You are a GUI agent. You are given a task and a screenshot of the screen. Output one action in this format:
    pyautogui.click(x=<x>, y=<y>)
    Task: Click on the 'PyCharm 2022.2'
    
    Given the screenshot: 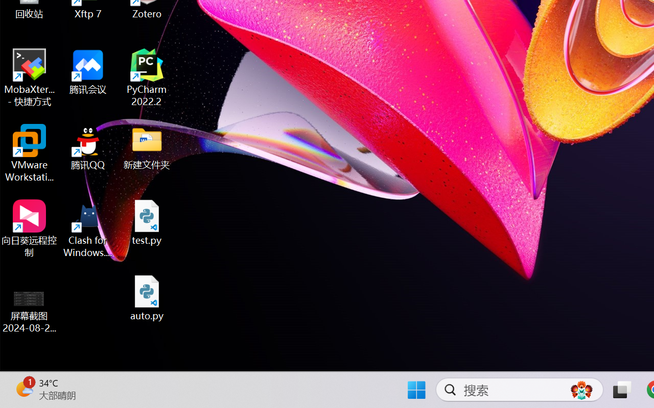 What is the action you would take?
    pyautogui.click(x=147, y=78)
    